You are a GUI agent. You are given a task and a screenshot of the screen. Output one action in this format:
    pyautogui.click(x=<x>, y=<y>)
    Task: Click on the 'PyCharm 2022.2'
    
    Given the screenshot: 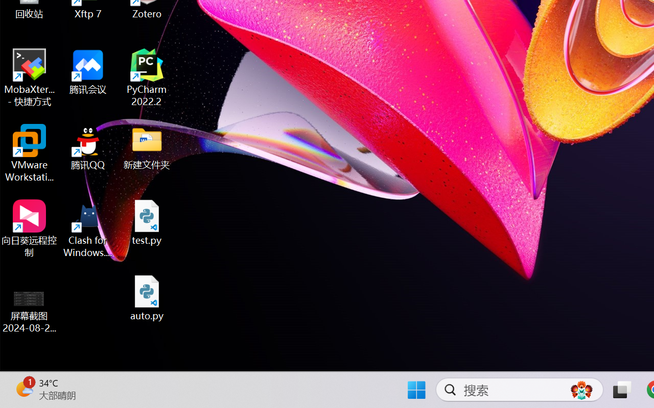 What is the action you would take?
    pyautogui.click(x=147, y=78)
    